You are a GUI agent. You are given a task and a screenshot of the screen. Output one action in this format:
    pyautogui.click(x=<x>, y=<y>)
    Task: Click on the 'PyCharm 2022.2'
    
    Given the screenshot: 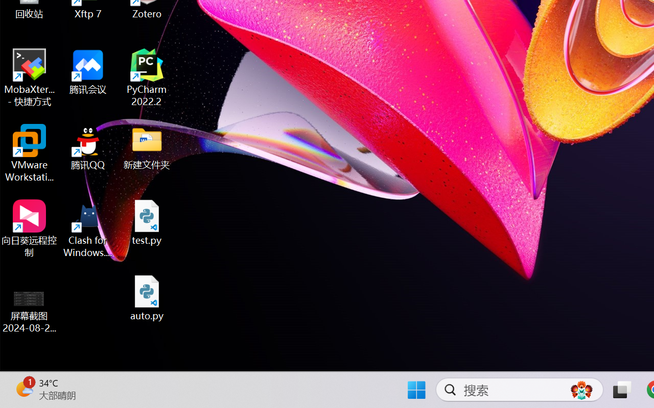 What is the action you would take?
    pyautogui.click(x=147, y=78)
    